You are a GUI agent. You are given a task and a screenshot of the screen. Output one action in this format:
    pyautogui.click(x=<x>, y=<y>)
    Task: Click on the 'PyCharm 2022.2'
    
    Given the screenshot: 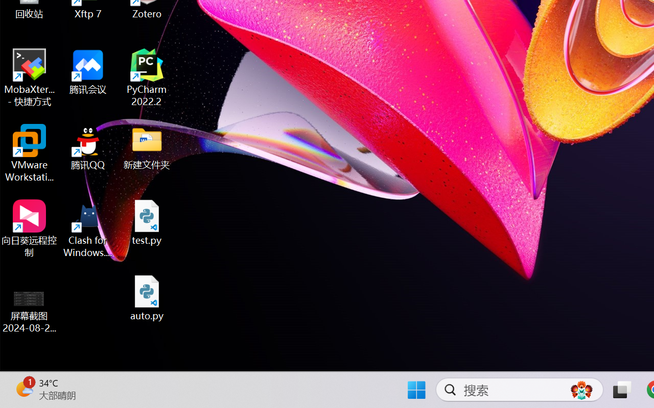 What is the action you would take?
    pyautogui.click(x=147, y=78)
    